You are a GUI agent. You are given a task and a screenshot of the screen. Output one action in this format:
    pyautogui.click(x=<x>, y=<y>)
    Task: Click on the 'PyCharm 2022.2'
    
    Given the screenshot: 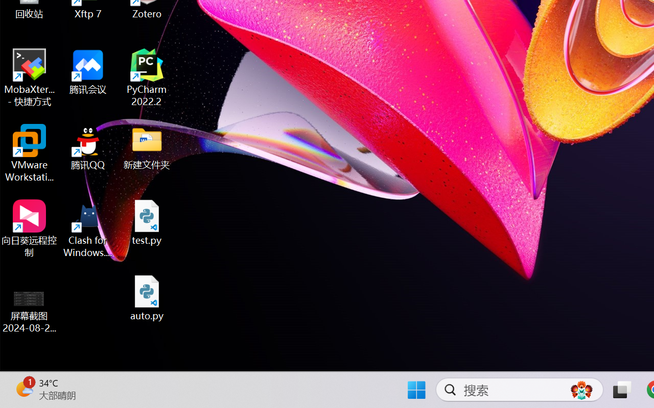 What is the action you would take?
    pyautogui.click(x=147, y=78)
    